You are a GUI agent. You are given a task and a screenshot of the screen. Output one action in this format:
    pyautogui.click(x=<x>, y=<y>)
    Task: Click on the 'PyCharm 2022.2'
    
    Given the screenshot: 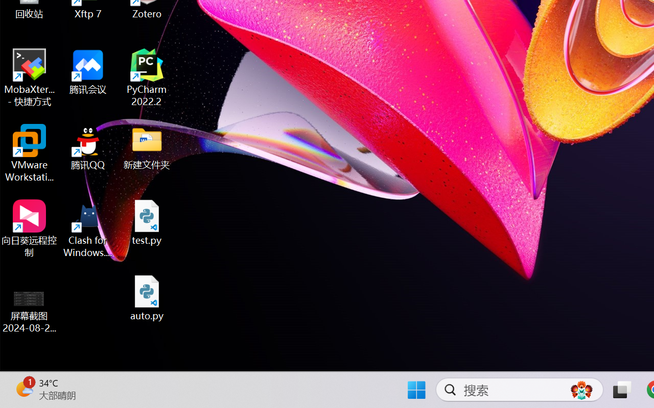 What is the action you would take?
    pyautogui.click(x=147, y=78)
    